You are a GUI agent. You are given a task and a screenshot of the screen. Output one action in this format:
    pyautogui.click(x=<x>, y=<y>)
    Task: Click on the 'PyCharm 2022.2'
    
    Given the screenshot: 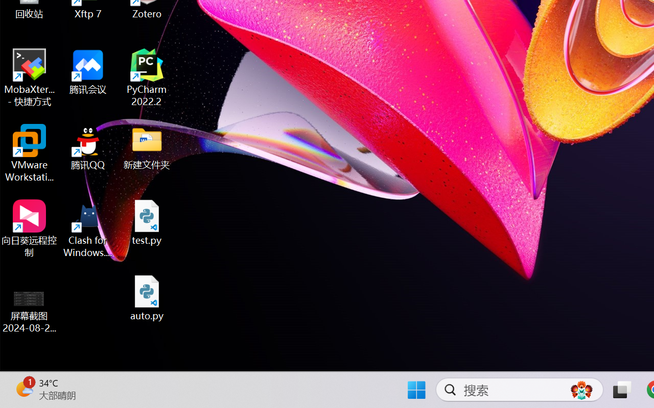 What is the action you would take?
    pyautogui.click(x=147, y=78)
    